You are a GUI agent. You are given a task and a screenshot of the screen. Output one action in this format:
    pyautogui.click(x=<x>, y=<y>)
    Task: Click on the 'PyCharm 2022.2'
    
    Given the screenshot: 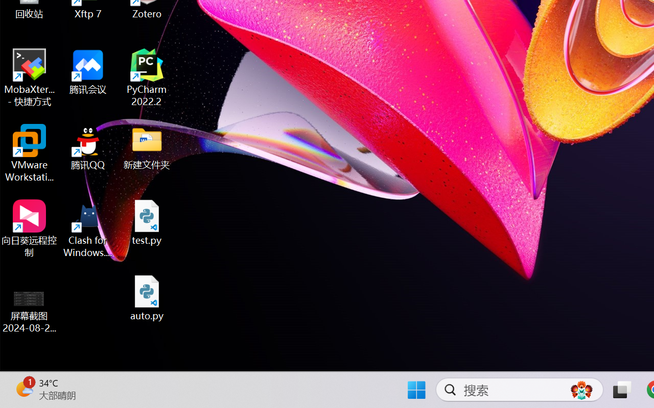 What is the action you would take?
    pyautogui.click(x=147, y=78)
    